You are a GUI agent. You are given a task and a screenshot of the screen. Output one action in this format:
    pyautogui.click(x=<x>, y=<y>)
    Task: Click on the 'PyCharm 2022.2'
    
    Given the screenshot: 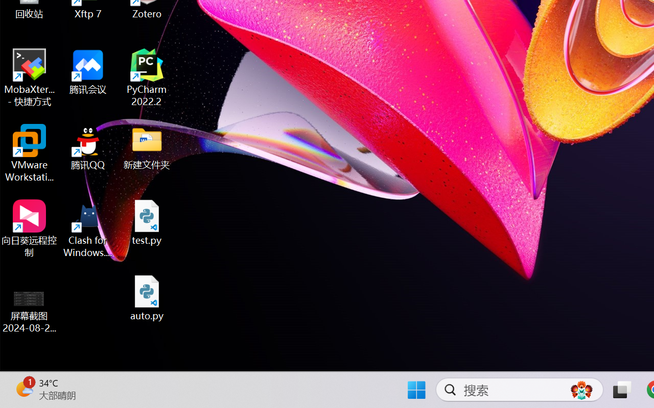 What is the action you would take?
    pyautogui.click(x=147, y=78)
    